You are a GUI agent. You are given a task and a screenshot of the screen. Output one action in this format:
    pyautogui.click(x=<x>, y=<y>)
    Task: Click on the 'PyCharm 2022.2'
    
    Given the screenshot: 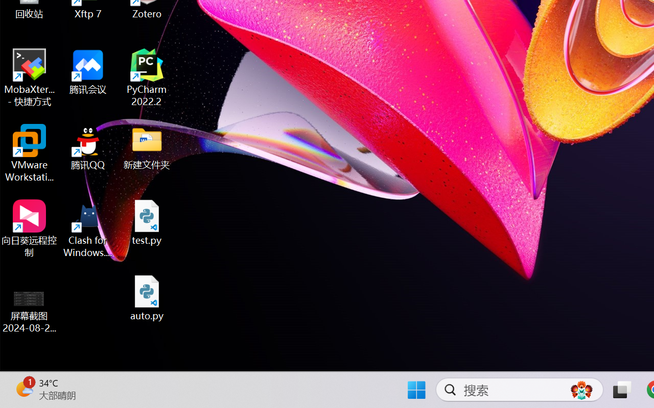 What is the action you would take?
    pyautogui.click(x=147, y=78)
    